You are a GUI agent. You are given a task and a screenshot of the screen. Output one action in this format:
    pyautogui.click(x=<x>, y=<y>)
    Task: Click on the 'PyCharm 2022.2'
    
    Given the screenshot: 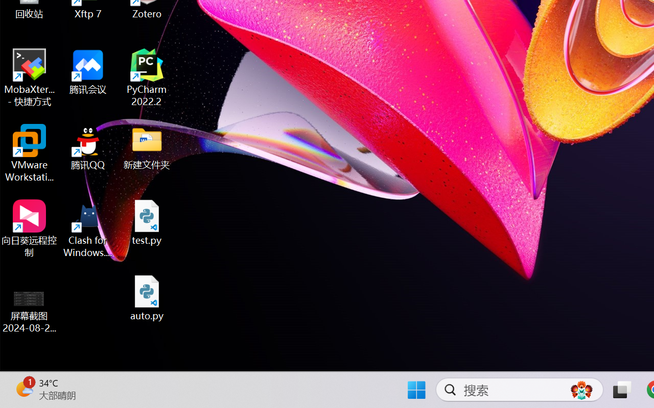 What is the action you would take?
    pyautogui.click(x=147, y=78)
    